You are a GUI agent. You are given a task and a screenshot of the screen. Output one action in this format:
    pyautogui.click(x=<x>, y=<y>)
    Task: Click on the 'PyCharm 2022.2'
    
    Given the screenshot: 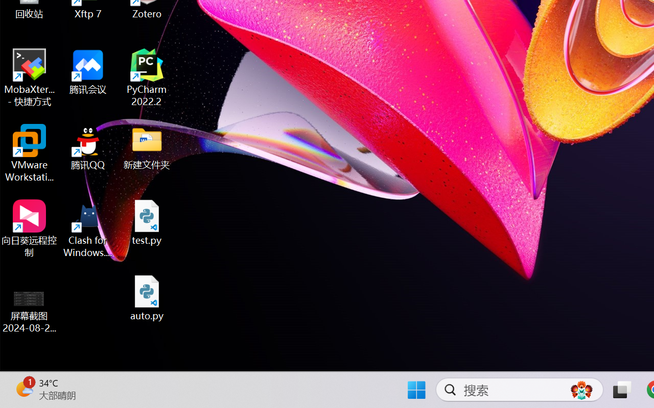 What is the action you would take?
    pyautogui.click(x=147, y=78)
    